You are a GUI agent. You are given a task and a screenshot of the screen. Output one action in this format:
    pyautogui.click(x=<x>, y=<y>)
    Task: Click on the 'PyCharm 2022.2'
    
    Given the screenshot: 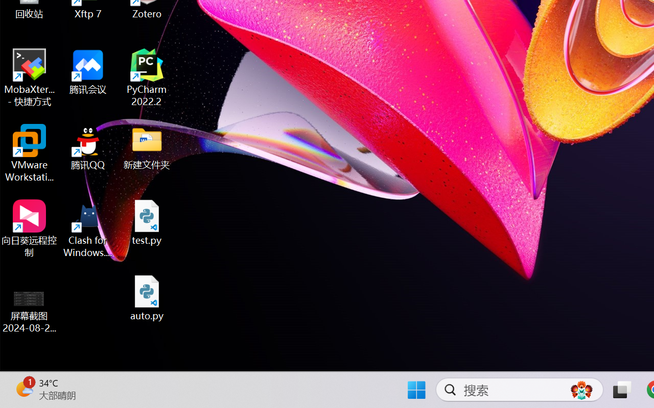 What is the action you would take?
    pyautogui.click(x=147, y=78)
    